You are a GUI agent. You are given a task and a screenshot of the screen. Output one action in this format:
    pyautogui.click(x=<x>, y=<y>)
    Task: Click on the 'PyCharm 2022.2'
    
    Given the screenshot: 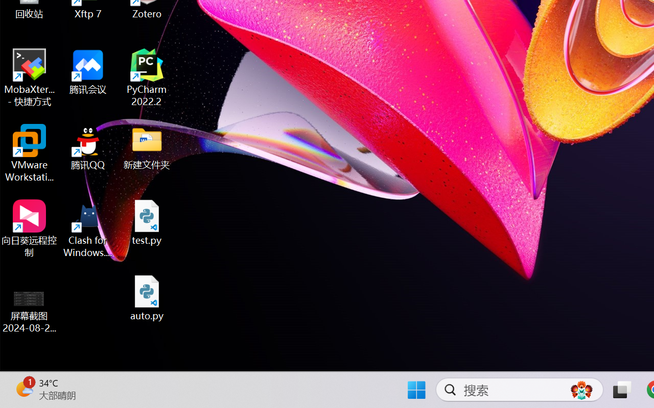 What is the action you would take?
    pyautogui.click(x=147, y=78)
    